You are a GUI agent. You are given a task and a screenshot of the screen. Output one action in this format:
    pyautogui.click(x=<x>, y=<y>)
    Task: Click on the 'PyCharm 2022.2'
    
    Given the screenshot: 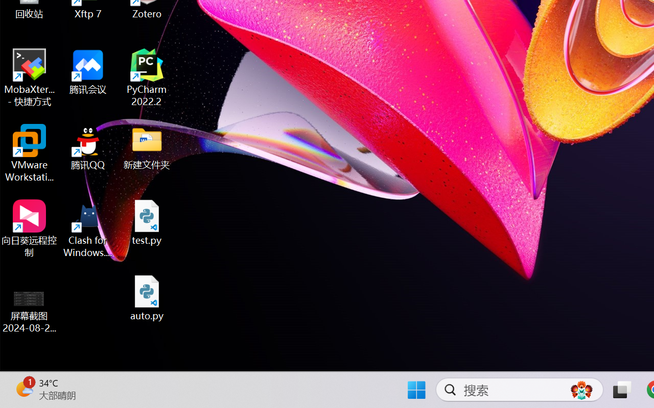 What is the action you would take?
    pyautogui.click(x=147, y=78)
    